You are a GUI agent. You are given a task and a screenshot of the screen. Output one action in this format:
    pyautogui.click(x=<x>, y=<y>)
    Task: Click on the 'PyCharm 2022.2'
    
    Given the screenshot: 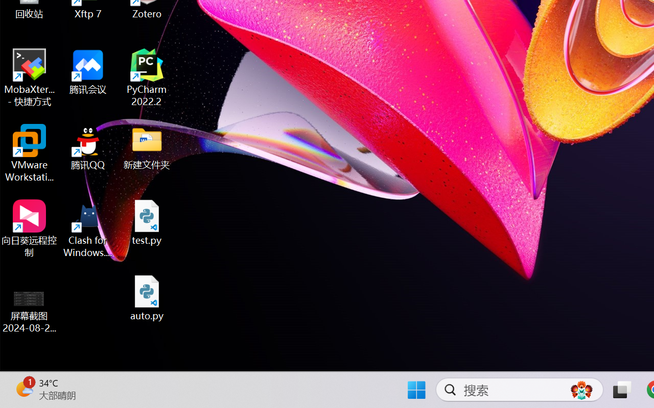 What is the action you would take?
    pyautogui.click(x=147, y=78)
    